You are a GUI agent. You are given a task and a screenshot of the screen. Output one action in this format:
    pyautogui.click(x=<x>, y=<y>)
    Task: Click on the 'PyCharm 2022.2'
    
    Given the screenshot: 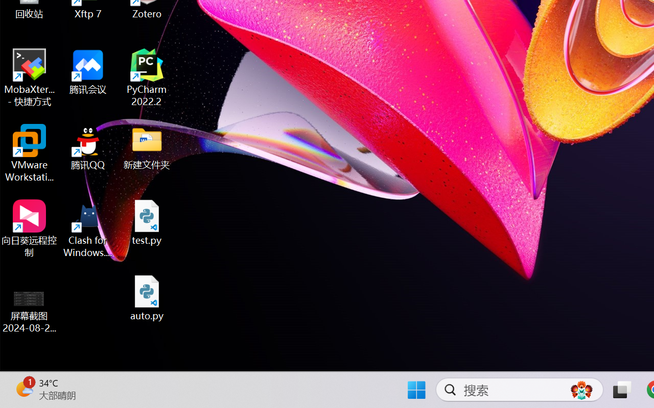 What is the action you would take?
    pyautogui.click(x=147, y=78)
    